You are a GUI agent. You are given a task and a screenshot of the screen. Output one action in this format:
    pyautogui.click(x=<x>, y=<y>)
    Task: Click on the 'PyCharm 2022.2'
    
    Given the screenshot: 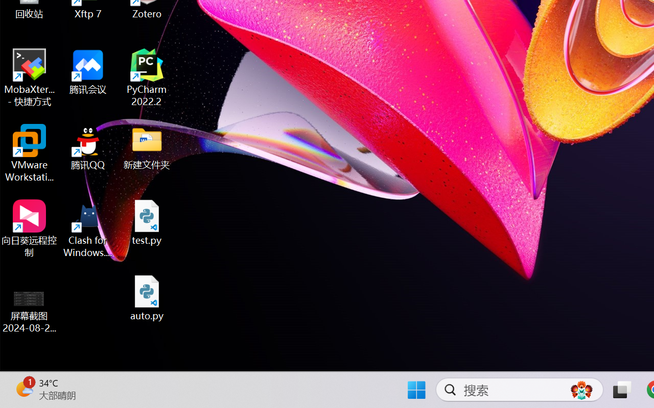 What is the action you would take?
    pyautogui.click(x=147, y=78)
    